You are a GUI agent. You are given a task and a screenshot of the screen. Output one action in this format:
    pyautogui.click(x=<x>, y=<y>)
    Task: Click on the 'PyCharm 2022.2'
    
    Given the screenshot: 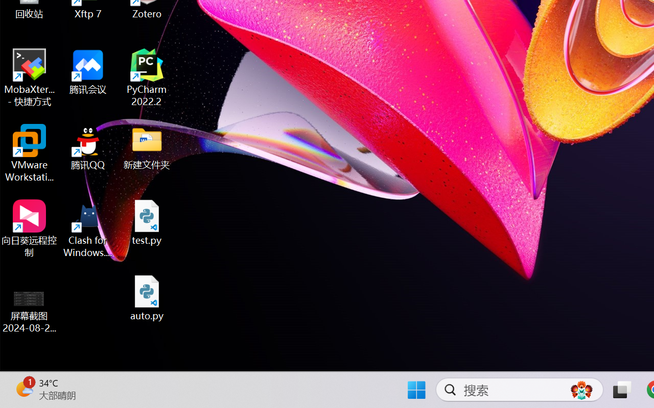 What is the action you would take?
    pyautogui.click(x=147, y=78)
    